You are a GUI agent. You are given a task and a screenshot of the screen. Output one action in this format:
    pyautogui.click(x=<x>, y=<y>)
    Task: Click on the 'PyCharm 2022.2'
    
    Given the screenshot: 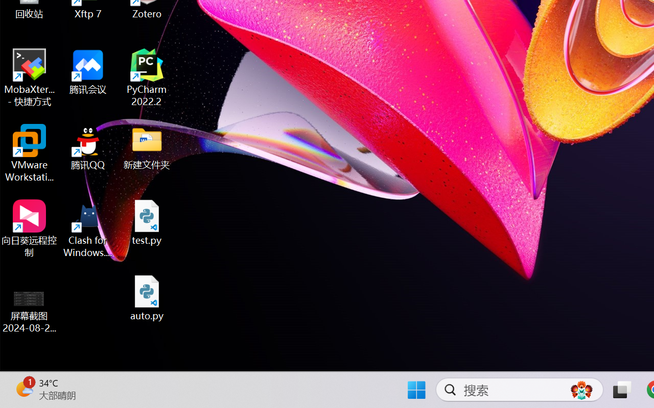 What is the action you would take?
    pyautogui.click(x=147, y=78)
    